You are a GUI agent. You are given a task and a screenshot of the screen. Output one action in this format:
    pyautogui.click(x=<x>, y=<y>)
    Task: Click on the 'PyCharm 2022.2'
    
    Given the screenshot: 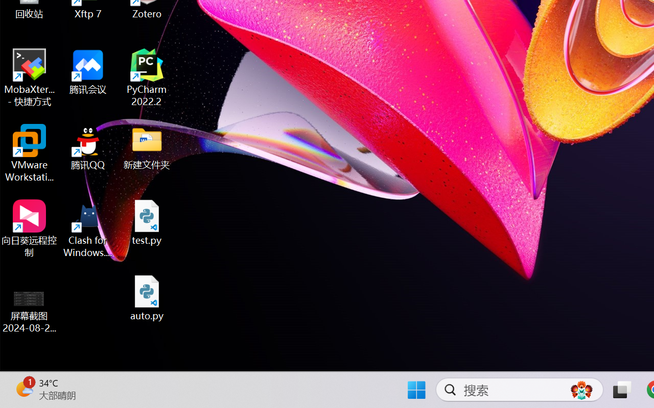 What is the action you would take?
    pyautogui.click(x=147, y=78)
    